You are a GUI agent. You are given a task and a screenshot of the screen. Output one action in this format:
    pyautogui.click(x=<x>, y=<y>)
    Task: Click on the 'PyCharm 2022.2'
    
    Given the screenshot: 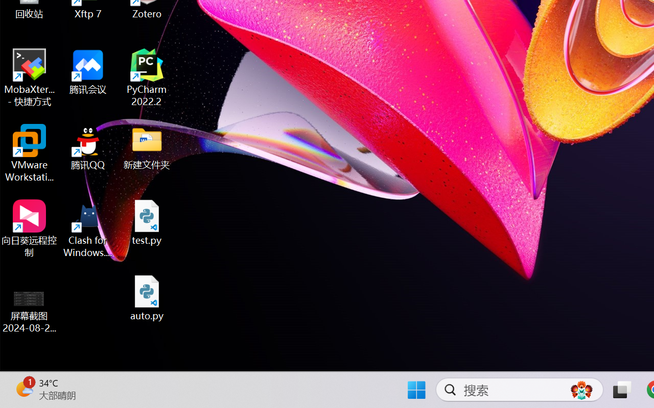 What is the action you would take?
    pyautogui.click(x=147, y=78)
    